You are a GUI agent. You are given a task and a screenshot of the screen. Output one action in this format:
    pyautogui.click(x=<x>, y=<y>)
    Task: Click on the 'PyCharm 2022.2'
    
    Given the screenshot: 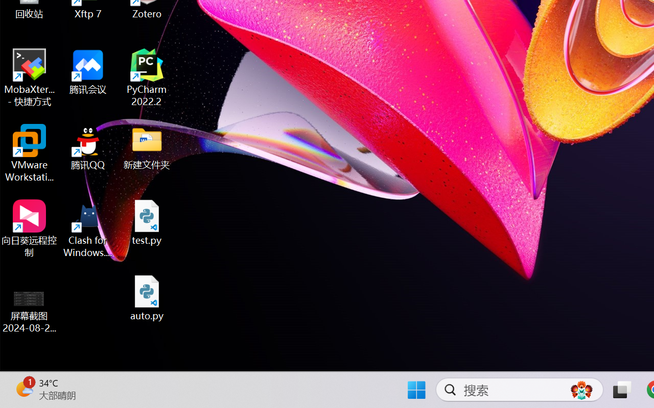 What is the action you would take?
    pyautogui.click(x=147, y=78)
    